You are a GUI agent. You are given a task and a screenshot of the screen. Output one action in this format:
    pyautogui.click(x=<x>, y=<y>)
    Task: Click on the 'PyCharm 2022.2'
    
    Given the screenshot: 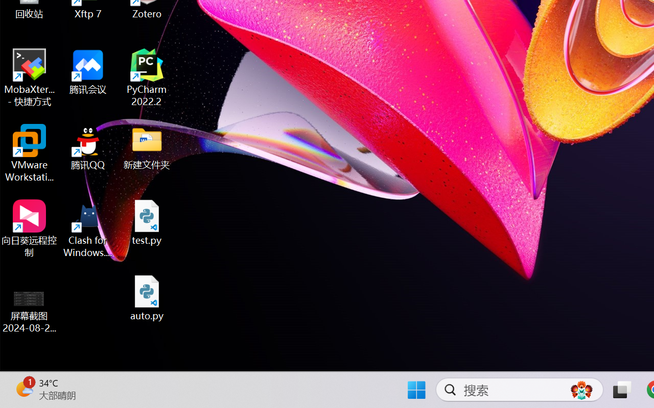 What is the action you would take?
    pyautogui.click(x=147, y=78)
    